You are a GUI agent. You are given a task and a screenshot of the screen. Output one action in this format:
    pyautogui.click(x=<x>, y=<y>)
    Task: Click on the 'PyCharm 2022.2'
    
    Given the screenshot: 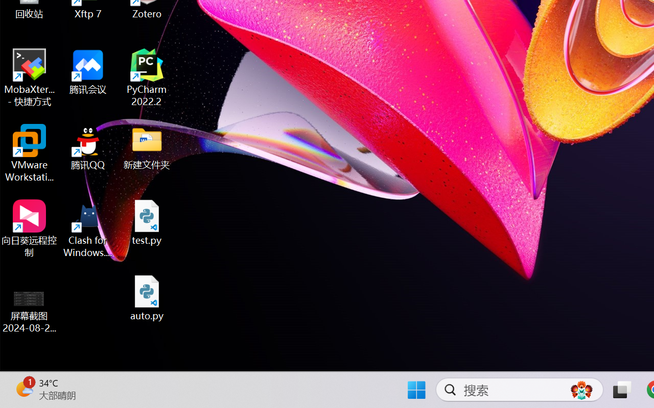 What is the action you would take?
    pyautogui.click(x=147, y=78)
    